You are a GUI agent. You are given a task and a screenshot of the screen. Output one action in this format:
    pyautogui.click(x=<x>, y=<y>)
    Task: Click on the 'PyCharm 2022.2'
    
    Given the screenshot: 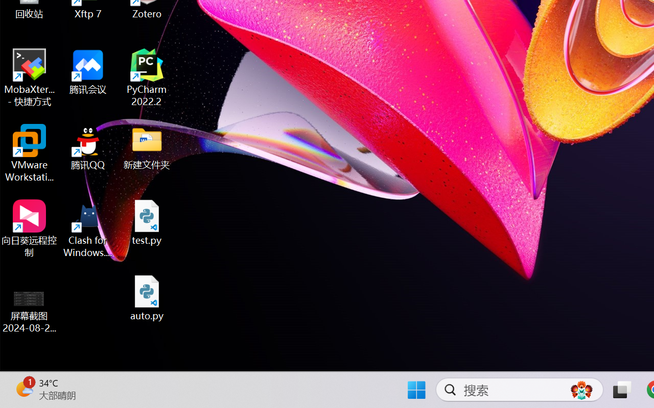 What is the action you would take?
    pyautogui.click(x=147, y=78)
    